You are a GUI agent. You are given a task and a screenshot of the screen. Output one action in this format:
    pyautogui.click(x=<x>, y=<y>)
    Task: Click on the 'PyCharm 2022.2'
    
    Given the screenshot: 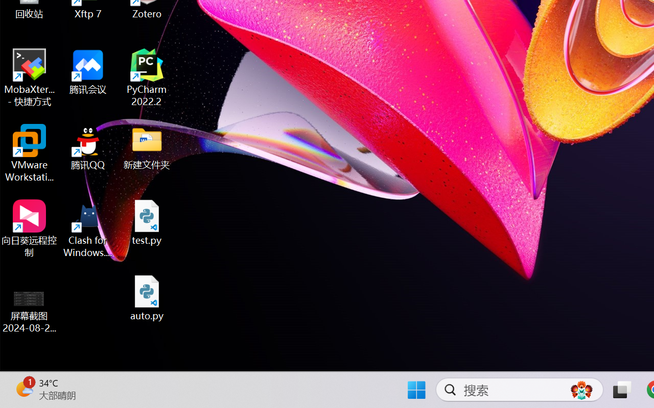 What is the action you would take?
    pyautogui.click(x=147, y=78)
    